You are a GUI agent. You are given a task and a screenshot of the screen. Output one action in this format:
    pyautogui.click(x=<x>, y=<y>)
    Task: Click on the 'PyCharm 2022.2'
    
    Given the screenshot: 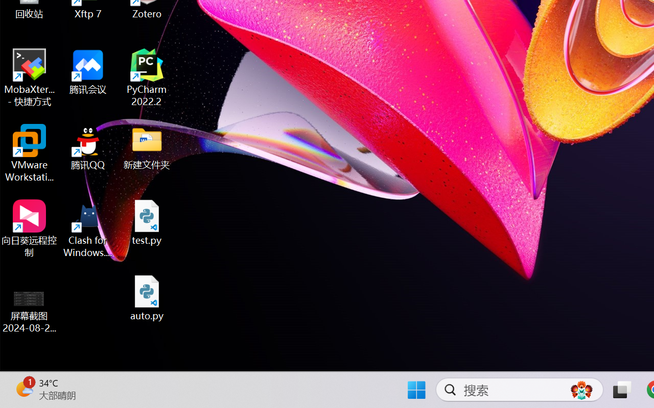 What is the action you would take?
    pyautogui.click(x=147, y=78)
    